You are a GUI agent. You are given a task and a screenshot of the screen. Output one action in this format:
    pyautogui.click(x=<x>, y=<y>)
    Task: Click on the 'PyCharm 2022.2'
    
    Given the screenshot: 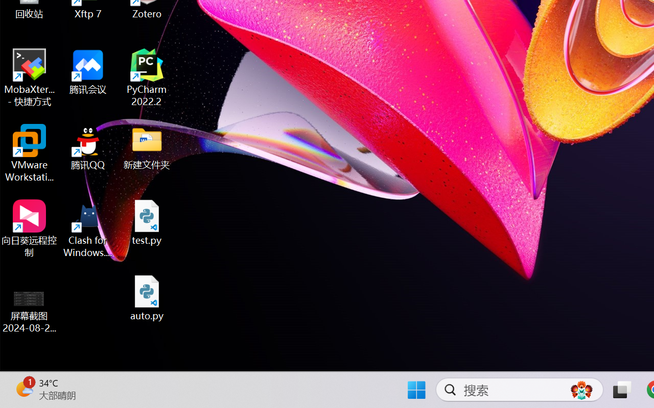 What is the action you would take?
    pyautogui.click(x=147, y=78)
    